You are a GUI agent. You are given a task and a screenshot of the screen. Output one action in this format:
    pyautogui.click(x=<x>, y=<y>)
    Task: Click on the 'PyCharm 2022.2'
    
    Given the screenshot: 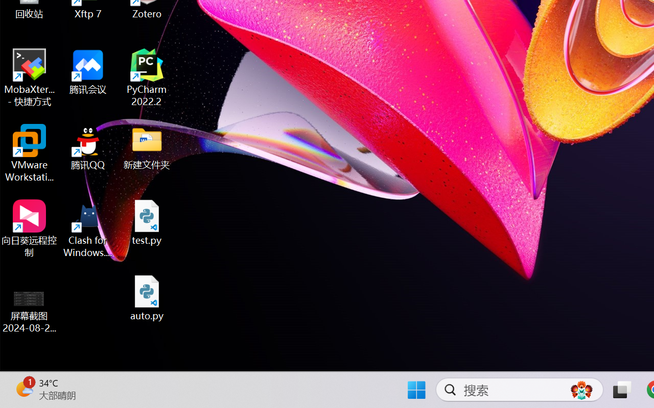 What is the action you would take?
    pyautogui.click(x=147, y=78)
    